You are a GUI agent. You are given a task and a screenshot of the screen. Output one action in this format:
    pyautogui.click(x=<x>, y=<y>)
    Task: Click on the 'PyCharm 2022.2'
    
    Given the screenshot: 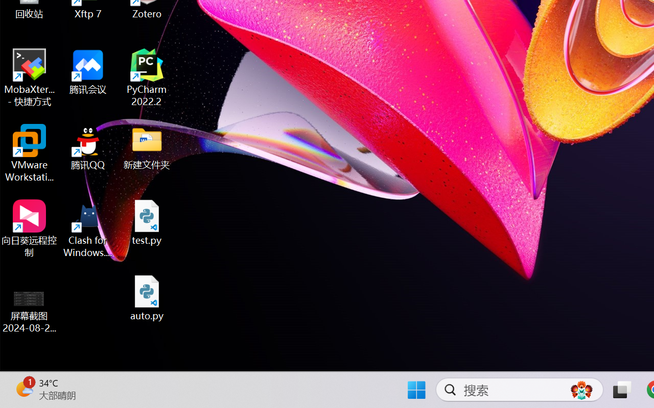 What is the action you would take?
    pyautogui.click(x=147, y=78)
    